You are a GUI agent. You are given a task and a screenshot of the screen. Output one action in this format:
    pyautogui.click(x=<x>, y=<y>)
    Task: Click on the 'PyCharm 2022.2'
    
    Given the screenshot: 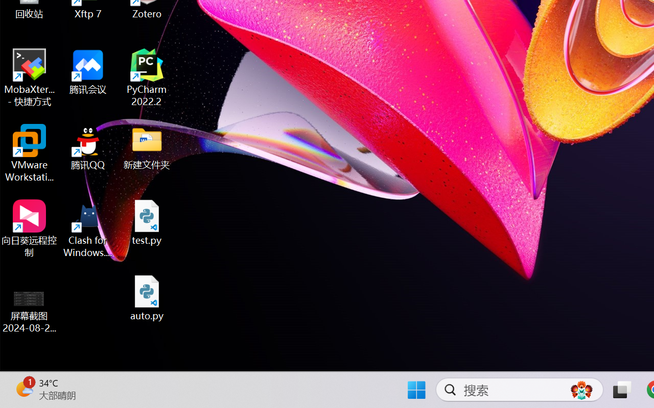 What is the action you would take?
    pyautogui.click(x=147, y=78)
    